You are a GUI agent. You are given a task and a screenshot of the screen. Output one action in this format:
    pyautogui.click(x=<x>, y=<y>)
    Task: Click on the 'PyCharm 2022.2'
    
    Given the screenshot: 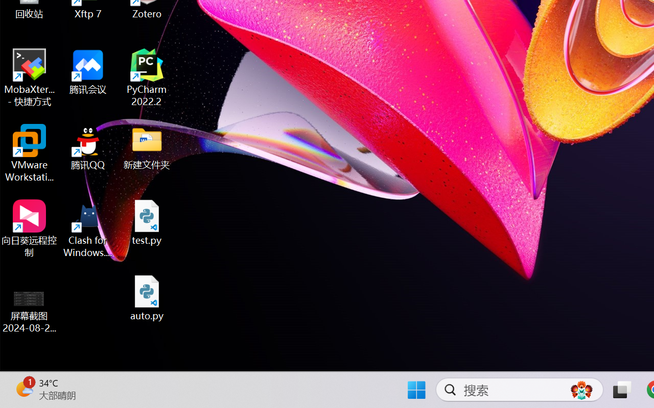 What is the action you would take?
    pyautogui.click(x=147, y=78)
    